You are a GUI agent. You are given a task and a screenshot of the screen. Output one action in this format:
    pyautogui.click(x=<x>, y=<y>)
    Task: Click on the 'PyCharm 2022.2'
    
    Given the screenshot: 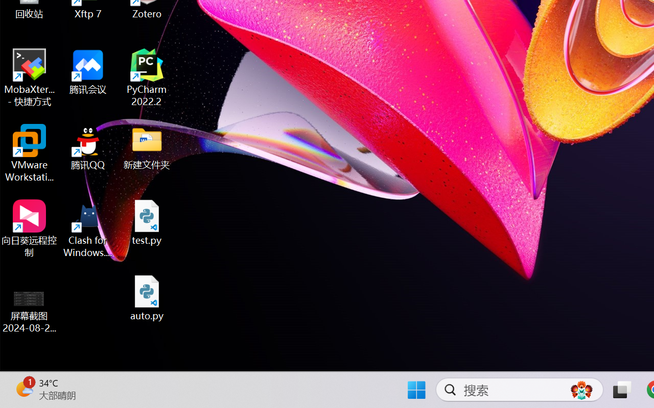 What is the action you would take?
    pyautogui.click(x=147, y=78)
    